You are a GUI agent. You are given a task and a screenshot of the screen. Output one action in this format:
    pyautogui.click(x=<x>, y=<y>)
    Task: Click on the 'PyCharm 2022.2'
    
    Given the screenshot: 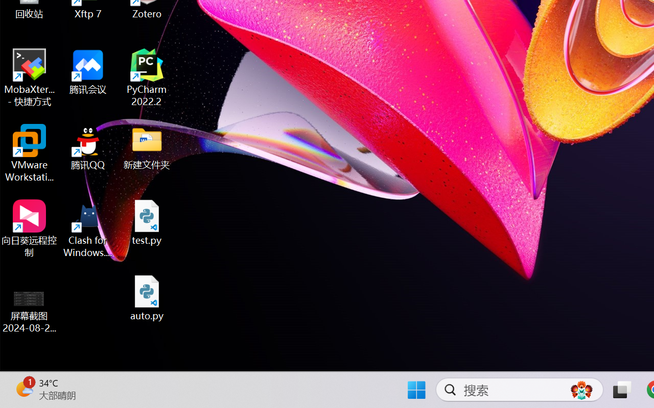 What is the action you would take?
    pyautogui.click(x=147, y=78)
    